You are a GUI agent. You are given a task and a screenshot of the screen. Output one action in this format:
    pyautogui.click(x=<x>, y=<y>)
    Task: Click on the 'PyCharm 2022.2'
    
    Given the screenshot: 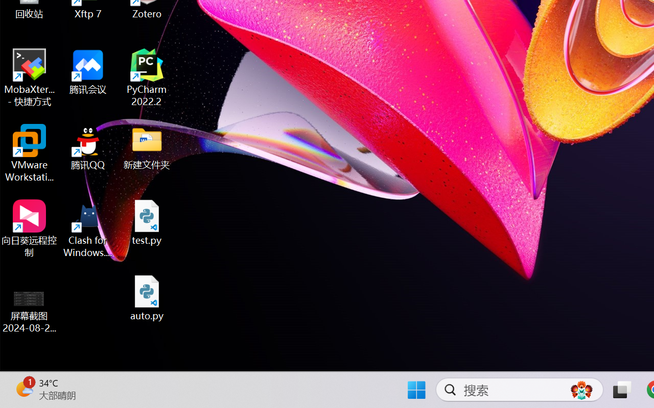 What is the action you would take?
    pyautogui.click(x=147, y=78)
    